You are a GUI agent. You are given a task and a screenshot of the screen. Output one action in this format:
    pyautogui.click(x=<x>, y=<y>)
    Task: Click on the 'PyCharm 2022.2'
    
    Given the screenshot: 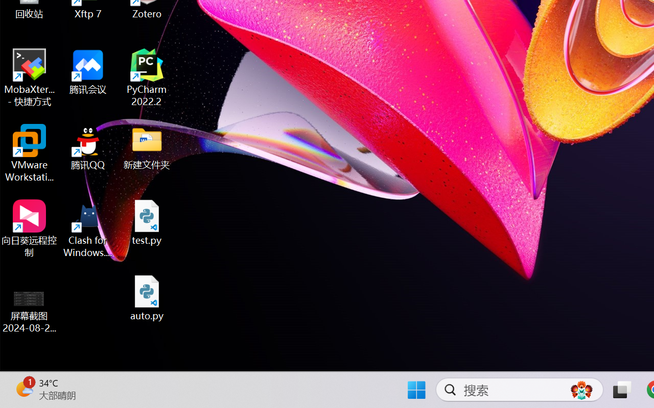 What is the action you would take?
    pyautogui.click(x=147, y=78)
    